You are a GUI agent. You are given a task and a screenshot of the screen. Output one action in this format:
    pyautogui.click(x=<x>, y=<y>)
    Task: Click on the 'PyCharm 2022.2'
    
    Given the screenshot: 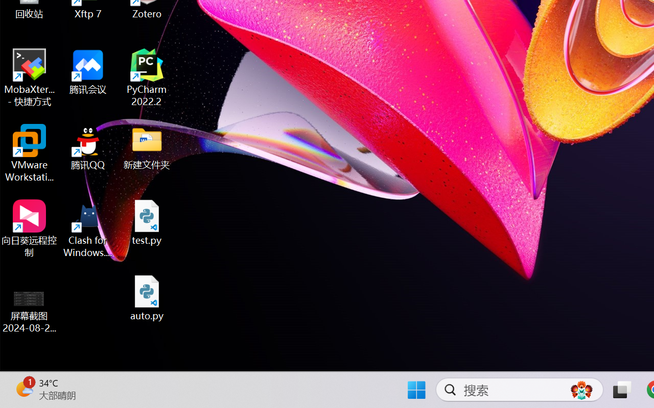 What is the action you would take?
    pyautogui.click(x=147, y=78)
    